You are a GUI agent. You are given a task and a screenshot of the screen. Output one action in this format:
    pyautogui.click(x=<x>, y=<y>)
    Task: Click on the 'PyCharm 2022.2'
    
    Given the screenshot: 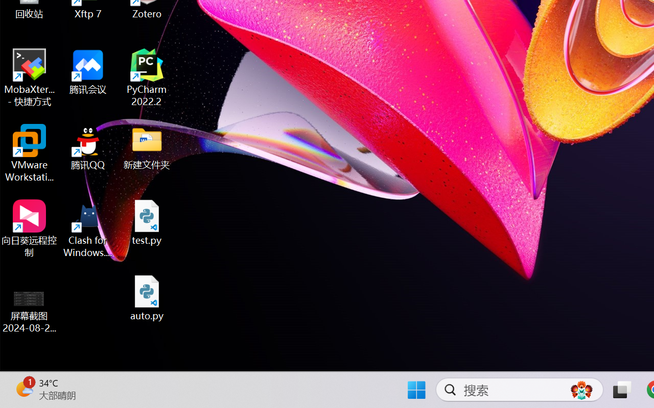 What is the action you would take?
    pyautogui.click(x=147, y=78)
    